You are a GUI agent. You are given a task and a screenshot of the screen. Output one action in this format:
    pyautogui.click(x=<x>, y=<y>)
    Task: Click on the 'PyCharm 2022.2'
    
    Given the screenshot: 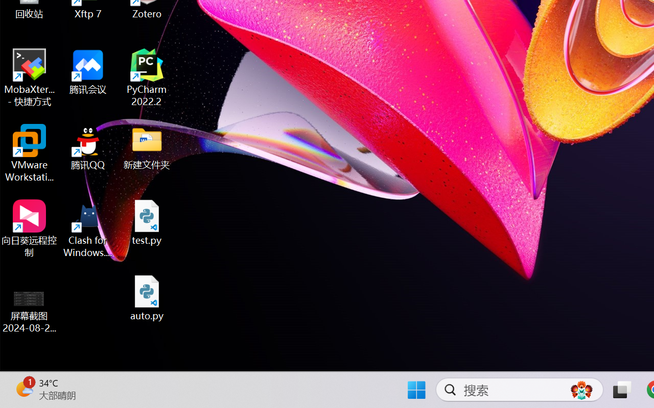 What is the action you would take?
    pyautogui.click(x=147, y=78)
    